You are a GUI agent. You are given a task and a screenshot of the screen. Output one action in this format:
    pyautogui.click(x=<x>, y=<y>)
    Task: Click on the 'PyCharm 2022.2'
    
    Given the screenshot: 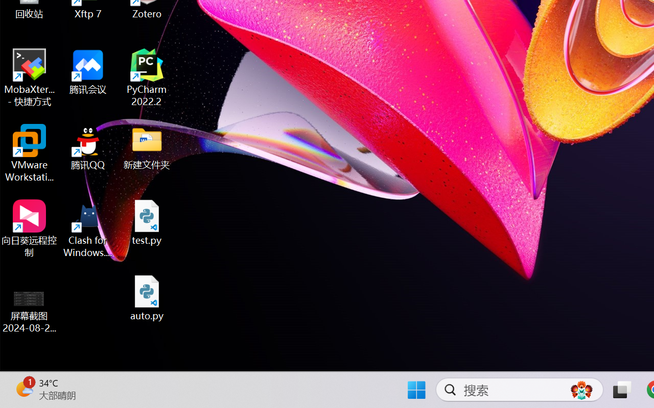 What is the action you would take?
    pyautogui.click(x=147, y=78)
    